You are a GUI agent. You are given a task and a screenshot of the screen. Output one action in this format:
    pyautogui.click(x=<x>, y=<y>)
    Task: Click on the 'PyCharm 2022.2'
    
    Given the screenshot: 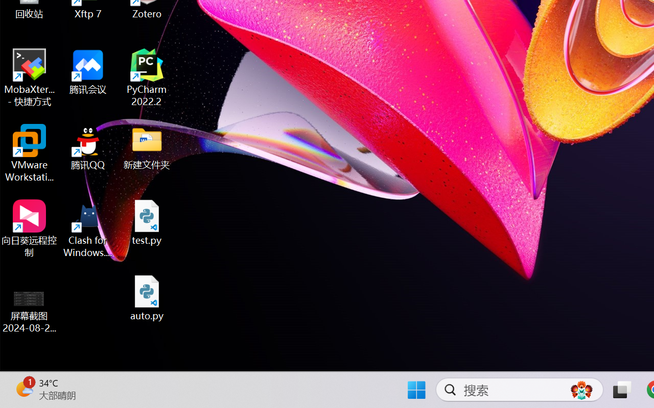 What is the action you would take?
    pyautogui.click(x=147, y=78)
    